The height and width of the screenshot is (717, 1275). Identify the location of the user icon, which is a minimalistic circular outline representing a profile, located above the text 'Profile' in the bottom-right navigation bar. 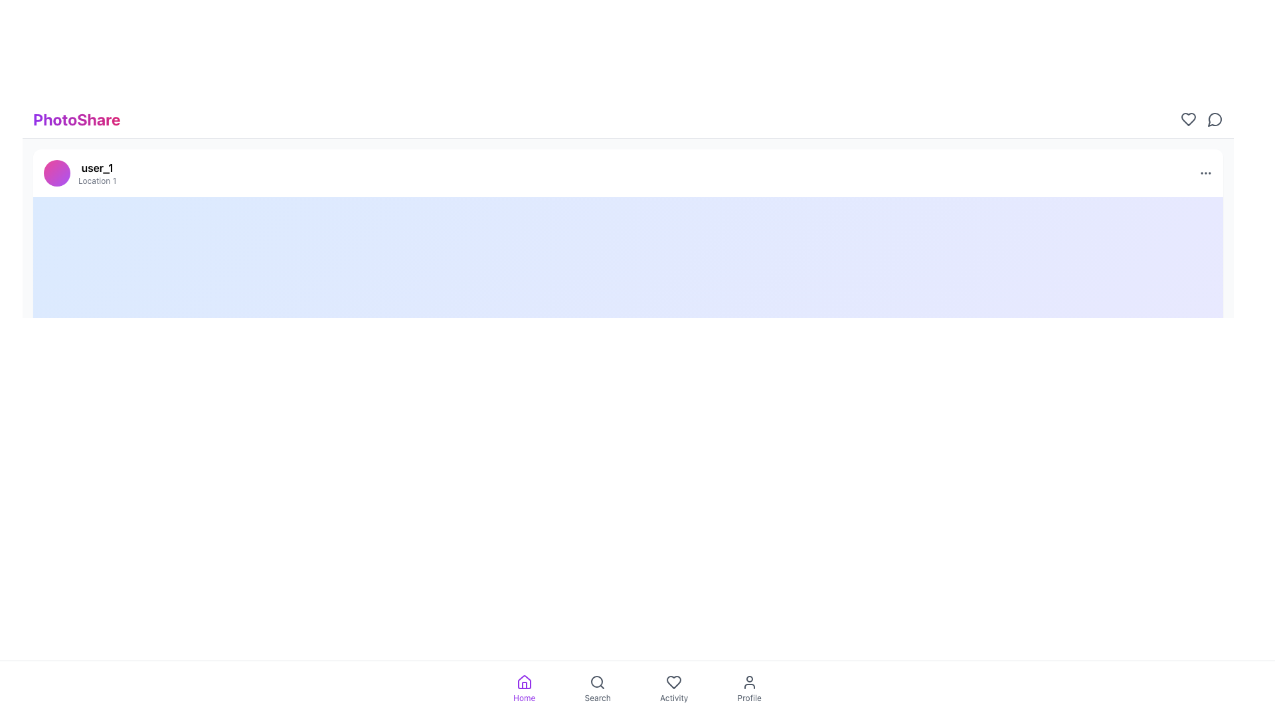
(749, 682).